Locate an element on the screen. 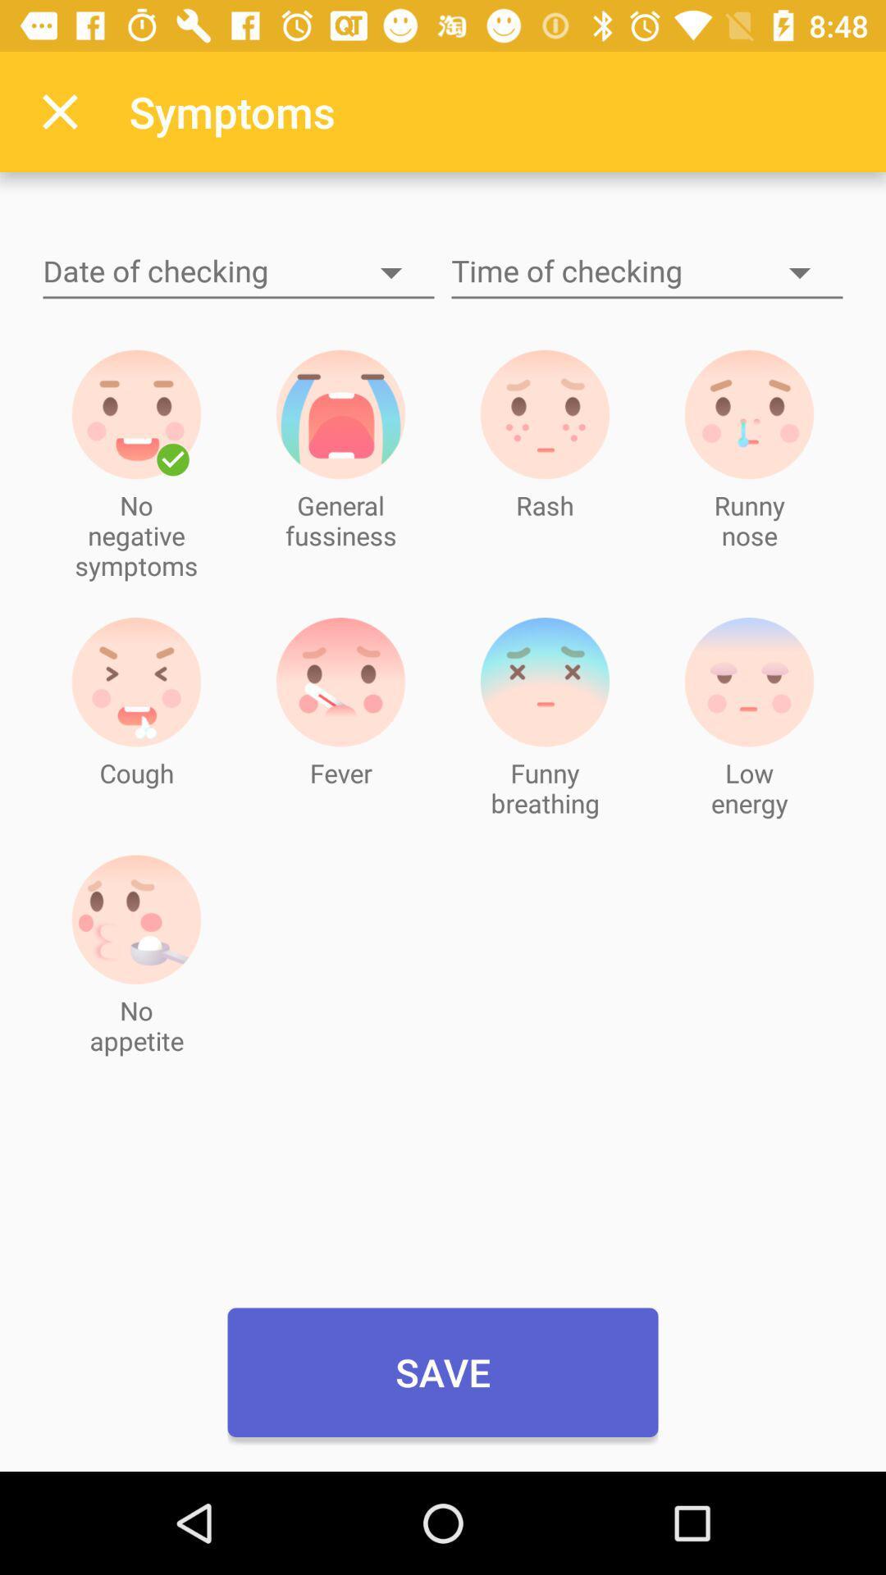 The height and width of the screenshot is (1575, 886). the save icon is located at coordinates (443, 1372).